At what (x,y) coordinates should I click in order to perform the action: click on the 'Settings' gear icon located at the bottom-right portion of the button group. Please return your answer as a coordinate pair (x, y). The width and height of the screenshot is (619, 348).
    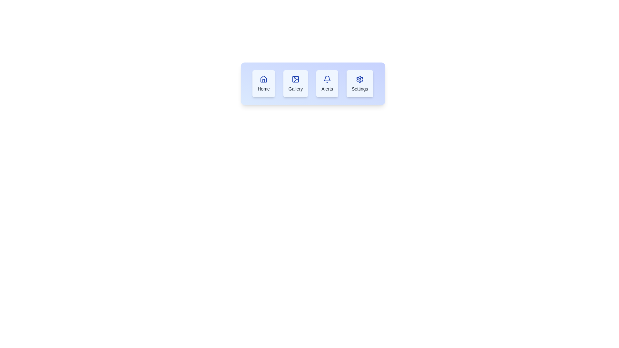
    Looking at the image, I should click on (359, 79).